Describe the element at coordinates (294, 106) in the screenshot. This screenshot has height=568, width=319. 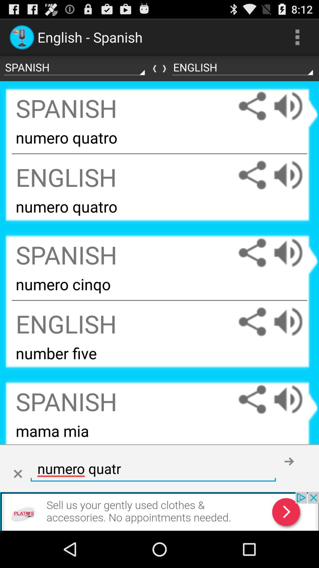
I see `sound` at that location.